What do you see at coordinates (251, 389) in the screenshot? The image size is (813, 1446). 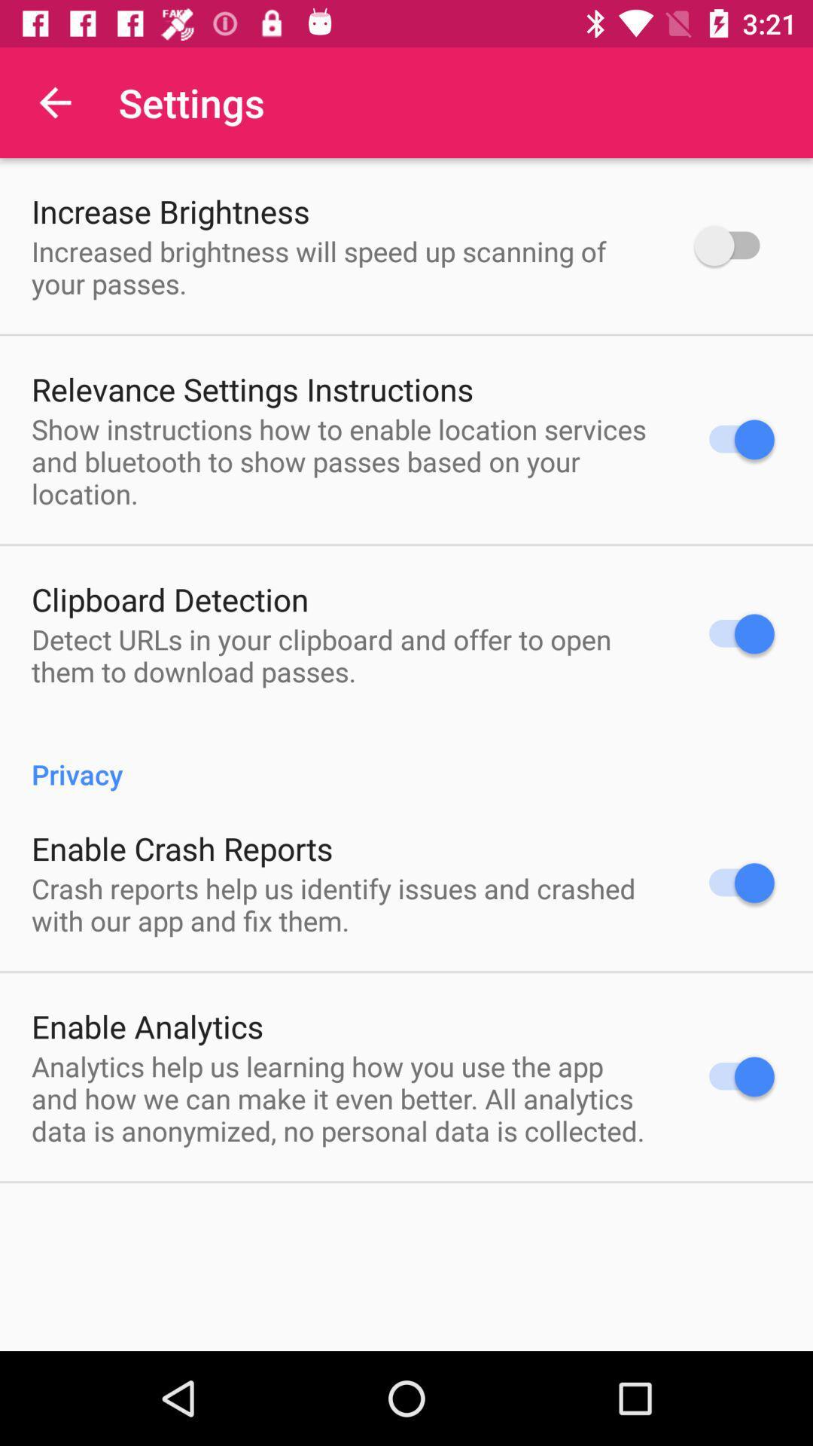 I see `item below increased brightness will item` at bounding box center [251, 389].